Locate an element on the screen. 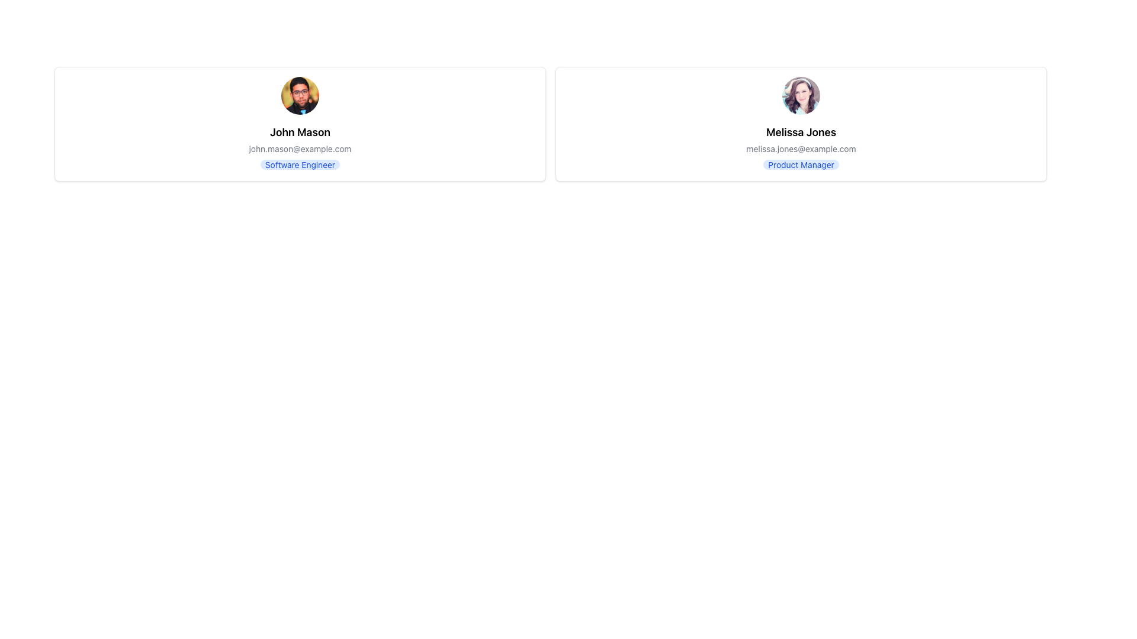 The width and height of the screenshot is (1137, 639). the text label displaying 'Software Engineer', which is styled with blue text on a light blue background and is positioned below 'john.mason@example.com' is located at coordinates (300, 164).